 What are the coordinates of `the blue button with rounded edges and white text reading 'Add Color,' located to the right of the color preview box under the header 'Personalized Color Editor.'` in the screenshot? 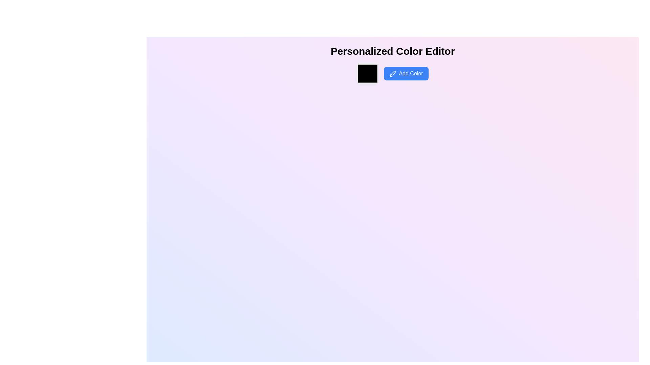 It's located at (393, 76).